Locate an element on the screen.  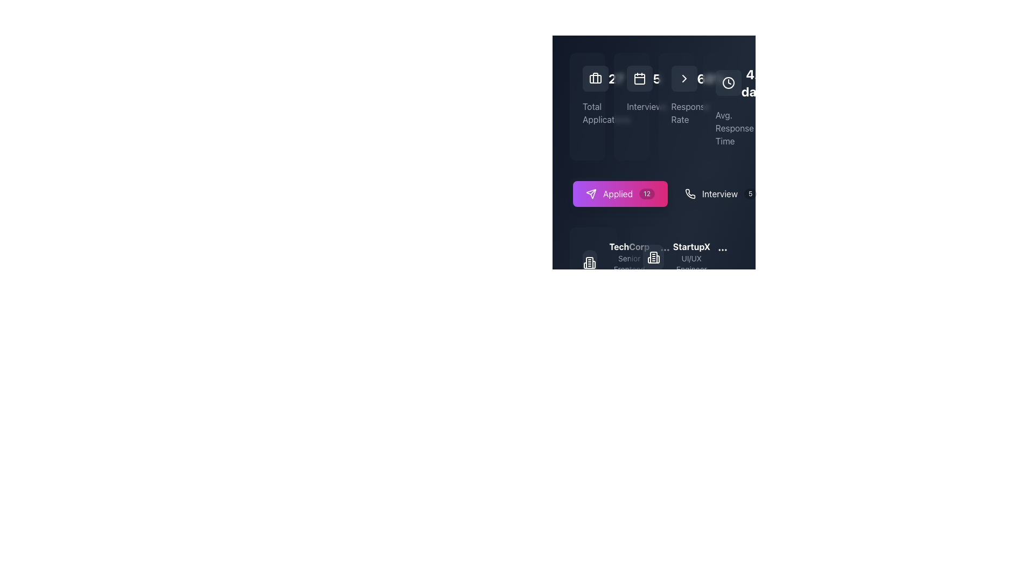
the calendar icon located in the row of icons at the top of the interface, which is the third icon from the left is located at coordinates (640, 78).